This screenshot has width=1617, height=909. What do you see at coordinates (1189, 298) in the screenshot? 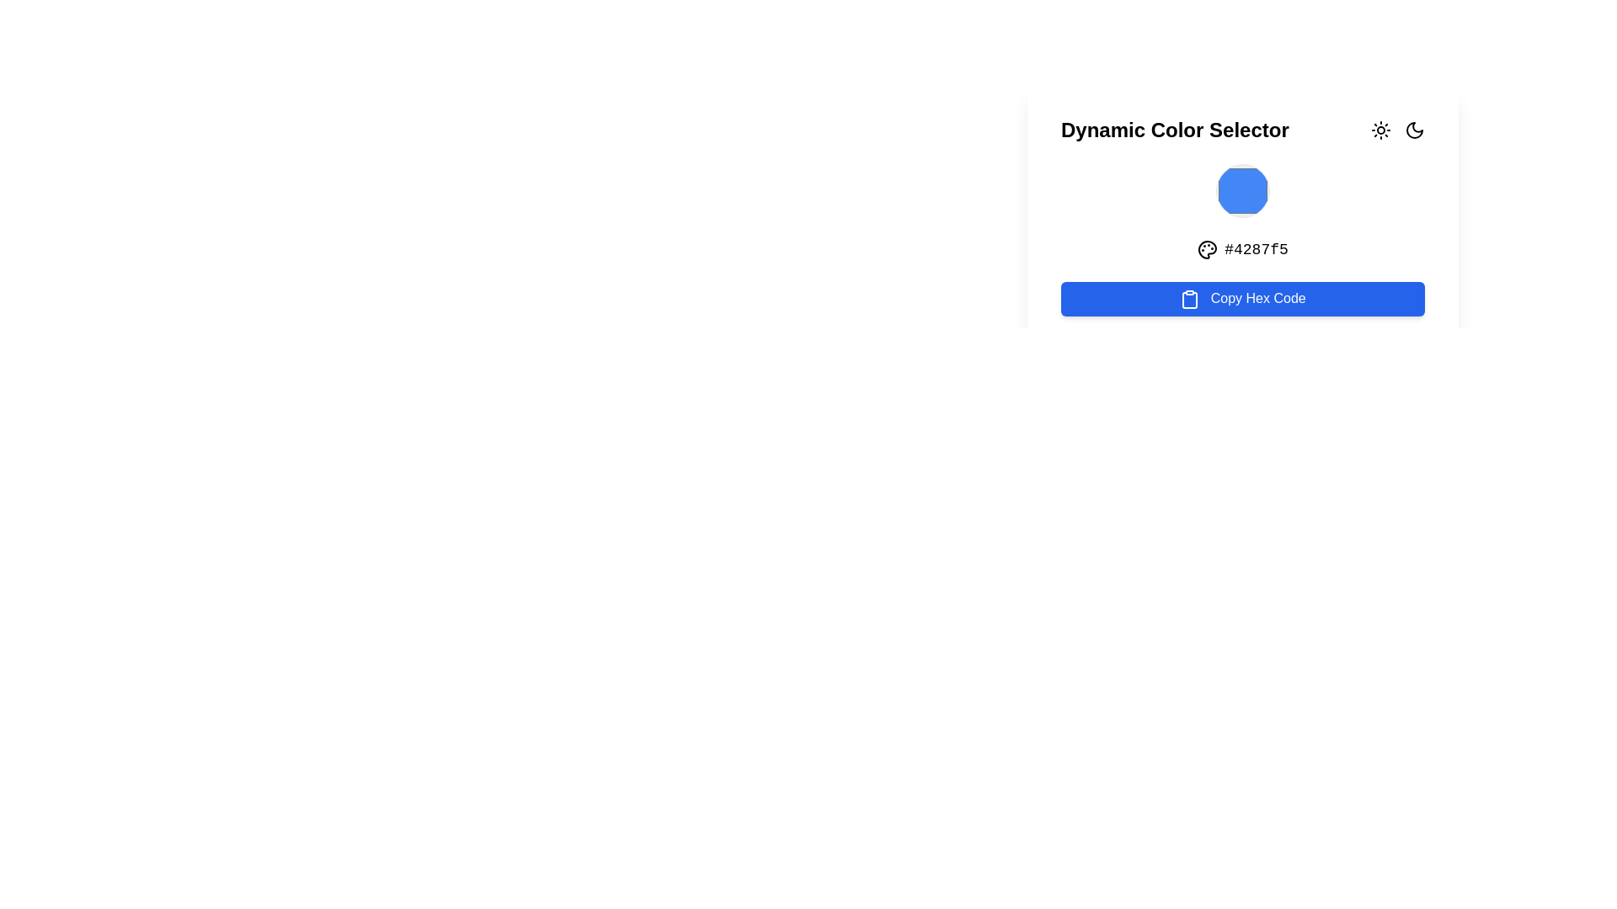
I see `the 'Copy Hex Code' button, which contains a clipboard icon, located at the bottom-center of the interface` at bounding box center [1189, 298].